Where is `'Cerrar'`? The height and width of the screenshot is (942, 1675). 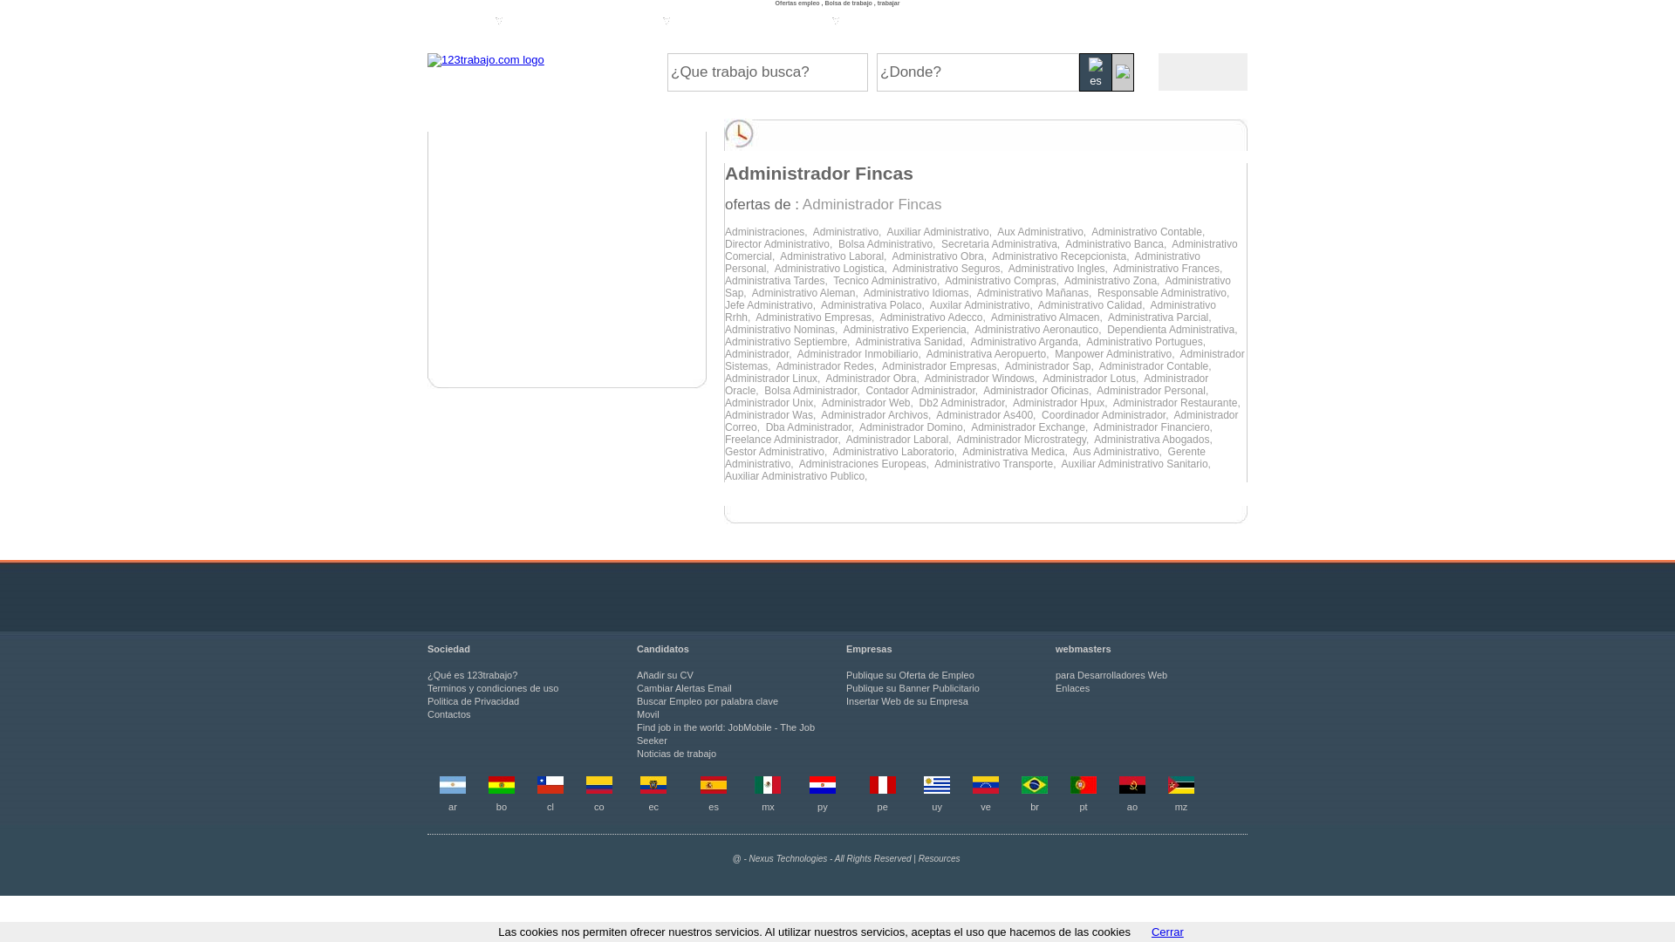
'Cerrar' is located at coordinates (1167, 931).